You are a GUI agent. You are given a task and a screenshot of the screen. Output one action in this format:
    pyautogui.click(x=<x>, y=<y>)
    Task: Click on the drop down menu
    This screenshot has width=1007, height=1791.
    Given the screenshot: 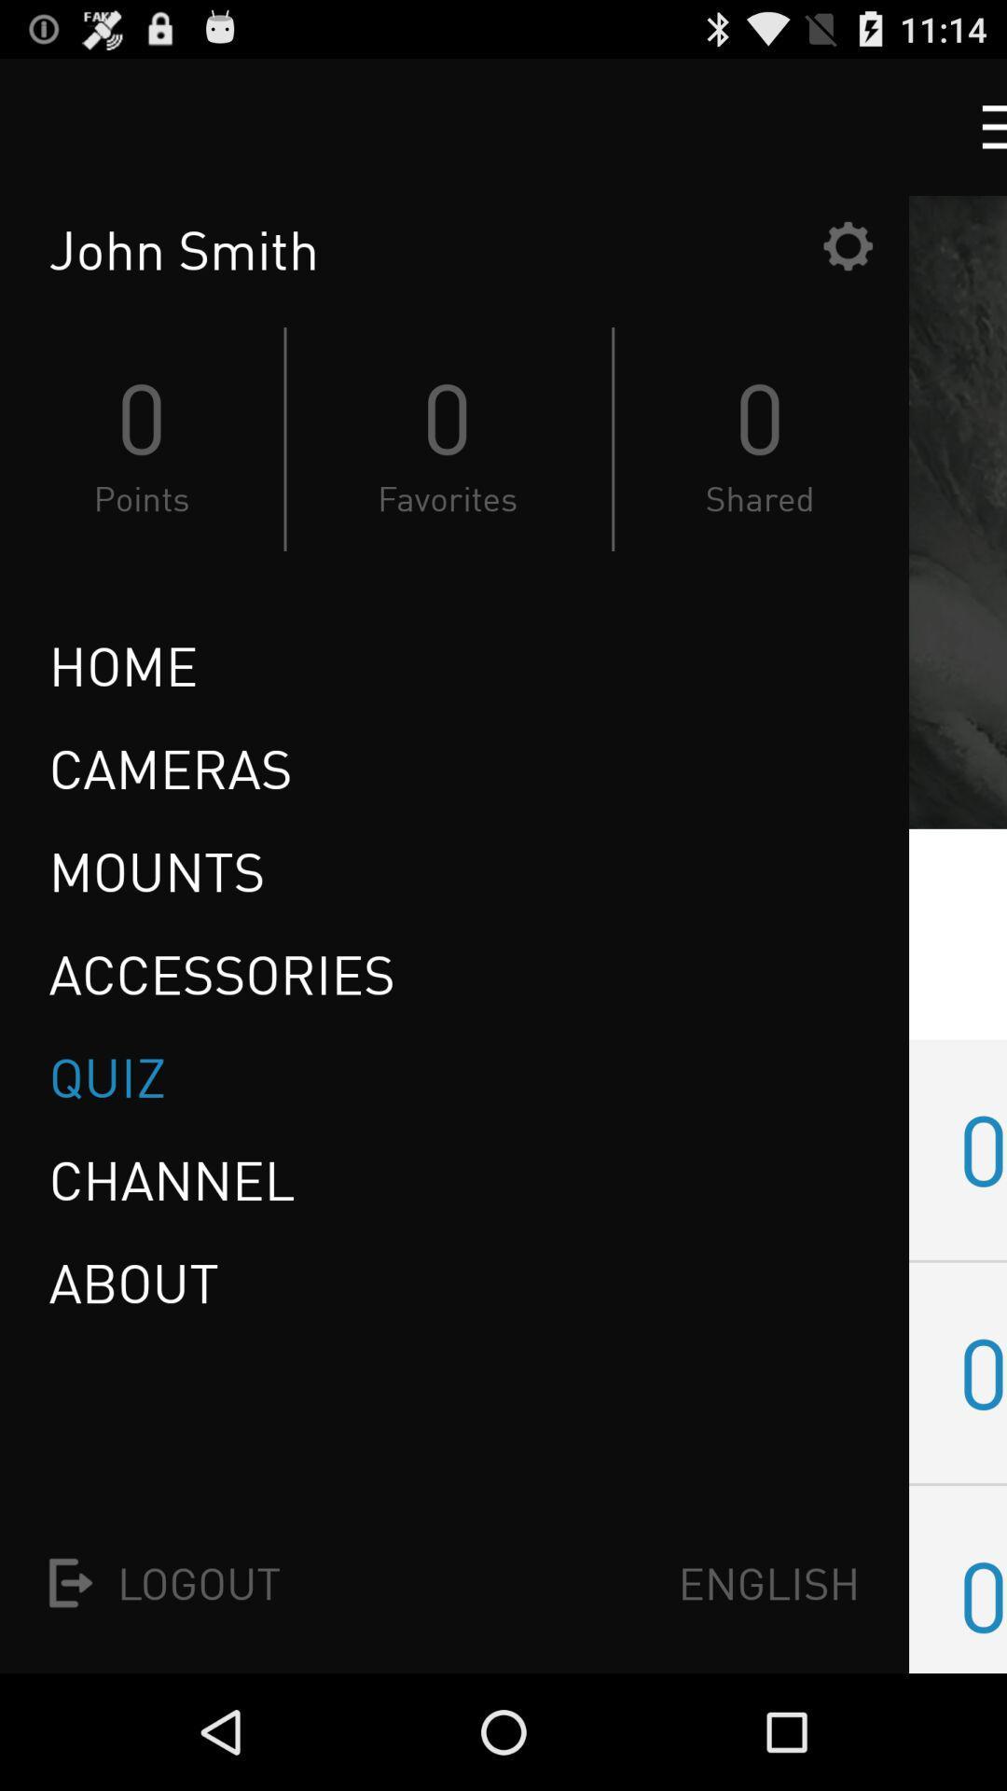 What is the action you would take?
    pyautogui.click(x=976, y=126)
    